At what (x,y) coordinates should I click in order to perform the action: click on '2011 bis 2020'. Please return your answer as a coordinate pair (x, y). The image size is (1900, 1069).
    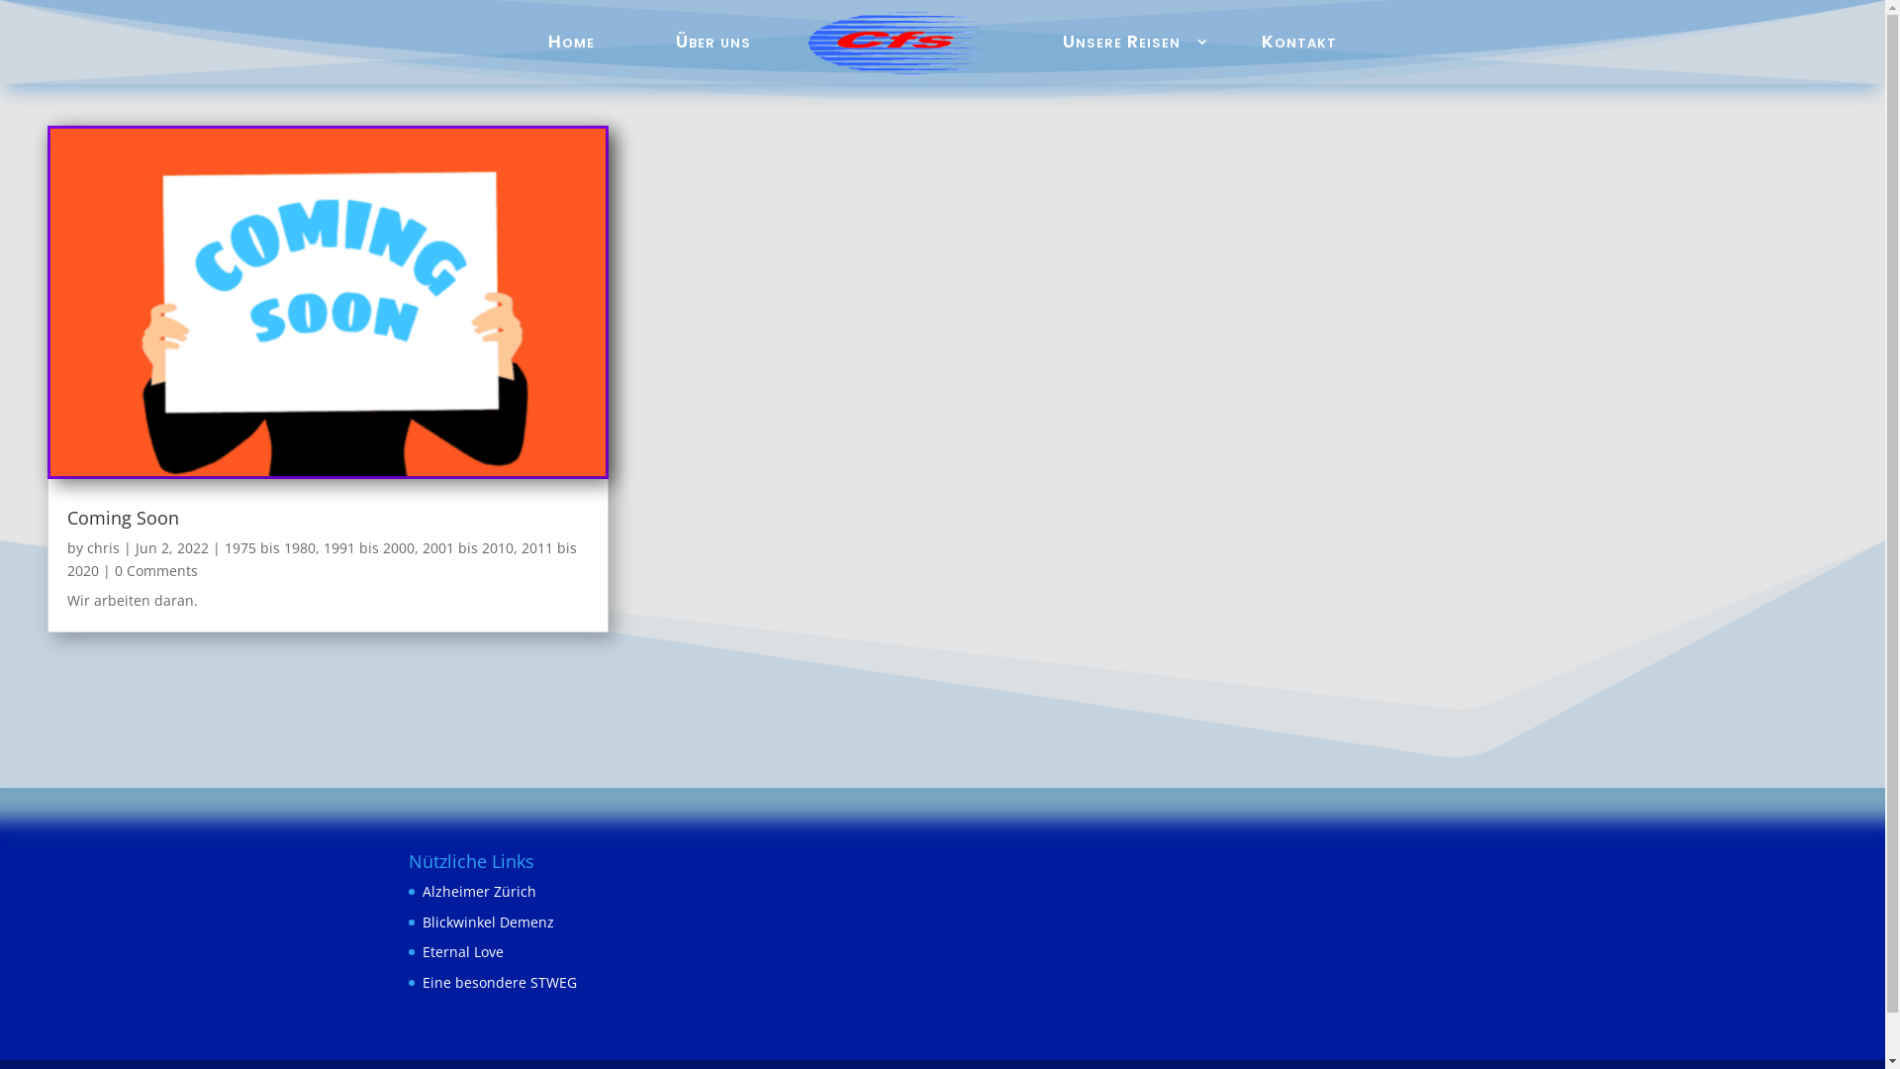
    Looking at the image, I should click on (322, 559).